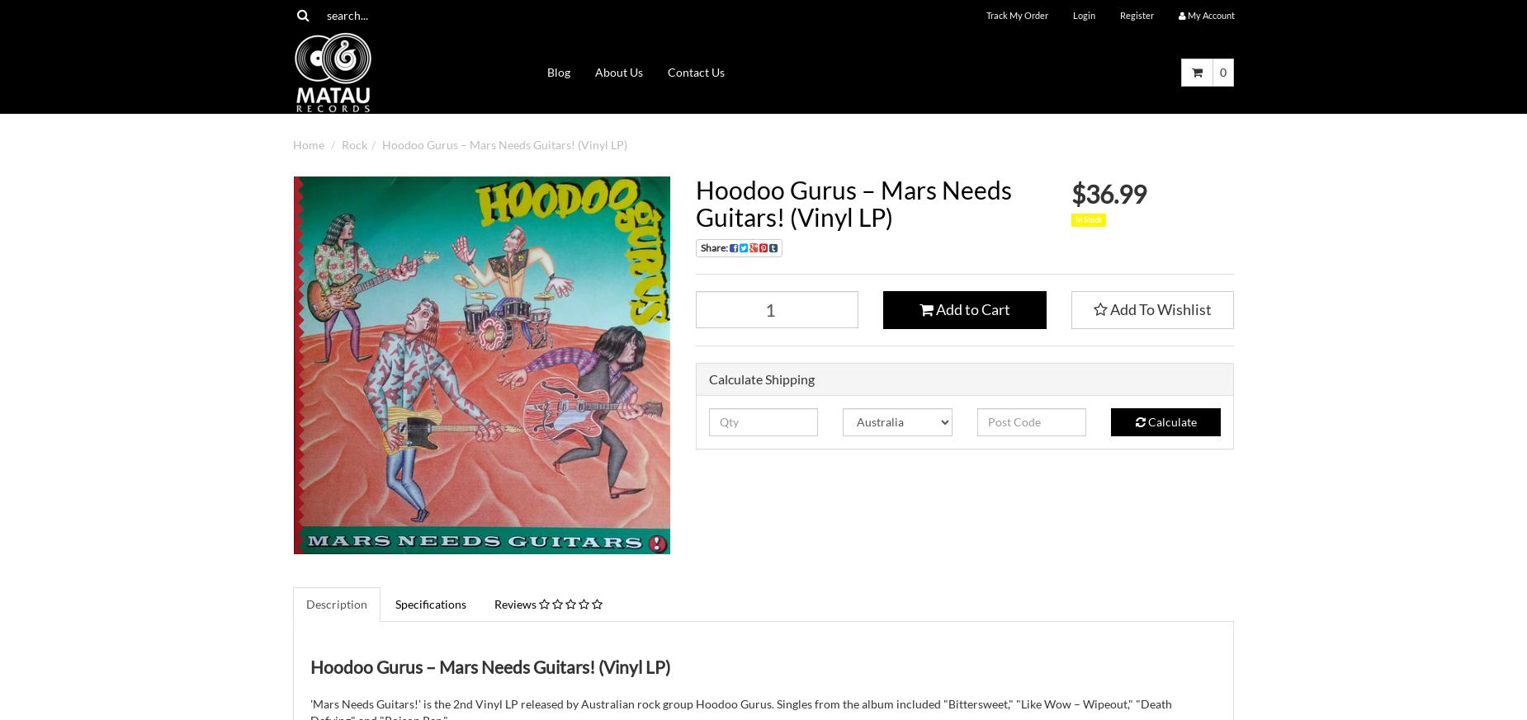 This screenshot has width=1527, height=720. I want to click on '$36.99', so click(1107, 193).